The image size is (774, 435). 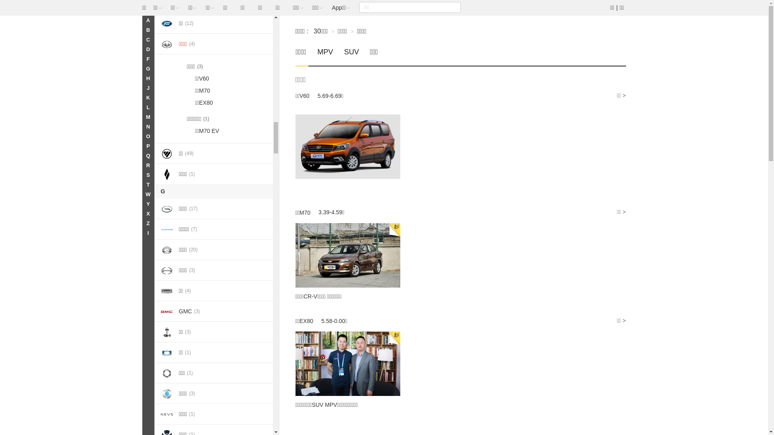 What do you see at coordinates (352, 56) in the screenshot?
I see `'SUV'` at bounding box center [352, 56].